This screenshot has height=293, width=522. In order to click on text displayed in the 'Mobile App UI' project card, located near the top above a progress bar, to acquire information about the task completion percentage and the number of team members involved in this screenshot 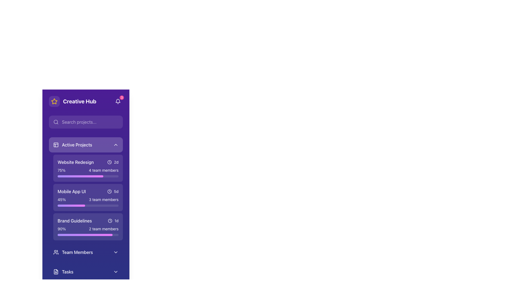, I will do `click(88, 200)`.